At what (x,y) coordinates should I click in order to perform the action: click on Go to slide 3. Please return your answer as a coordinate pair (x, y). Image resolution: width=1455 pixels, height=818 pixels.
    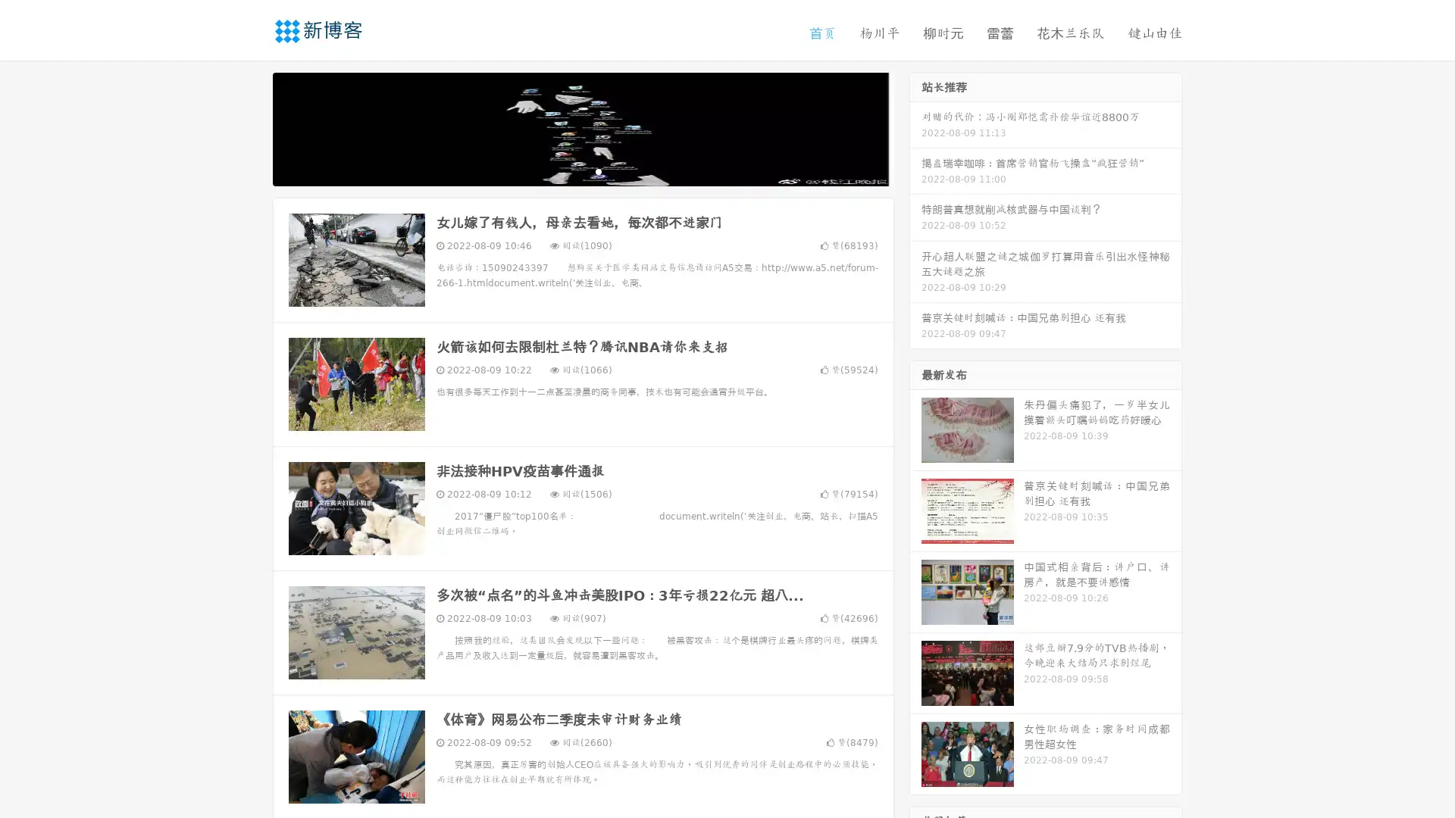
    Looking at the image, I should click on (598, 170).